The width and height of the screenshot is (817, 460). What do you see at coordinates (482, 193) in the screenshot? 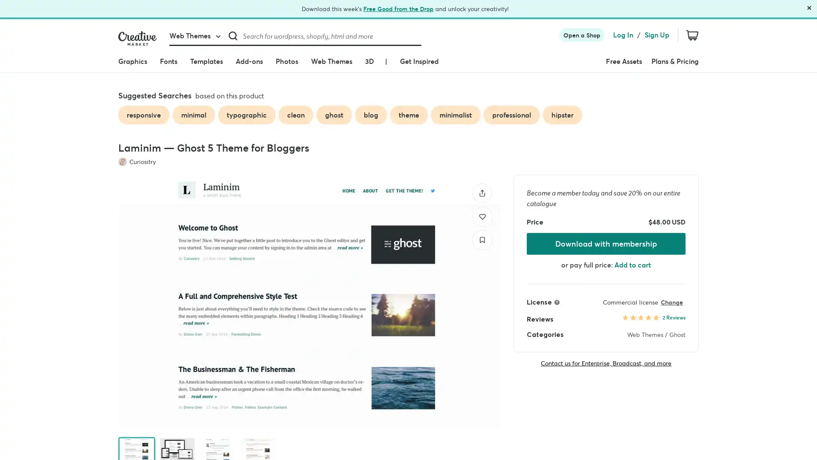
I see `Share` at bounding box center [482, 193].